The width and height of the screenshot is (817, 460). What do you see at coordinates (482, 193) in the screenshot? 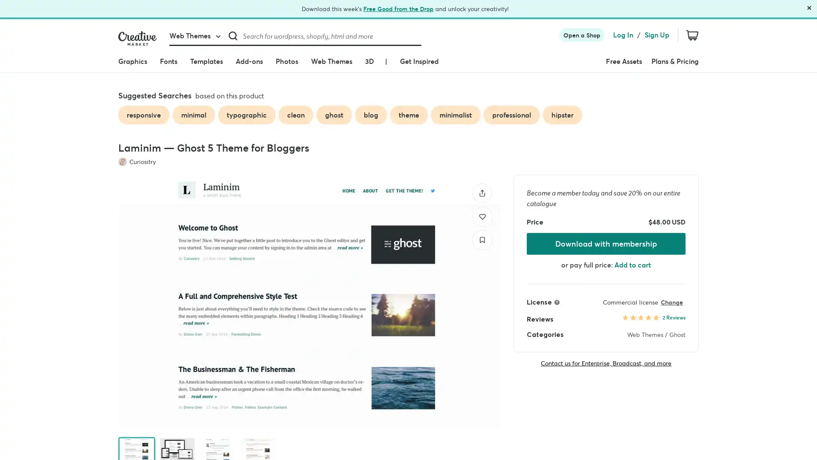
I see `Share` at bounding box center [482, 193].